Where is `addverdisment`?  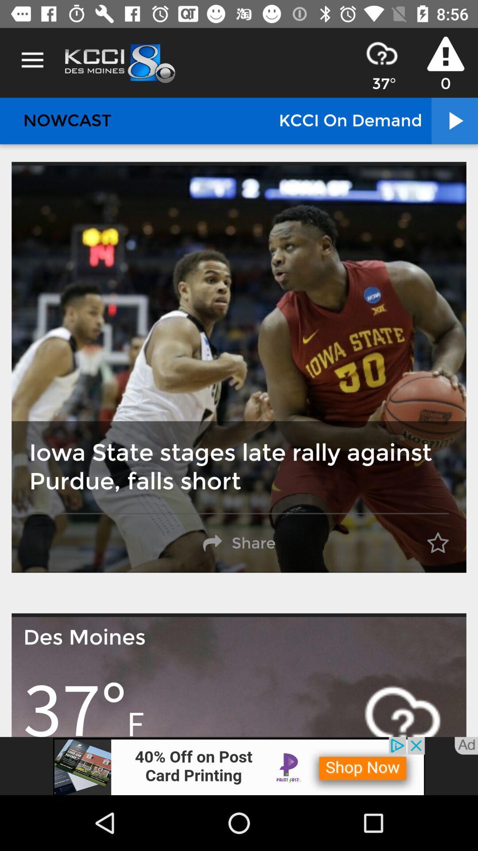 addverdisment is located at coordinates (239, 765).